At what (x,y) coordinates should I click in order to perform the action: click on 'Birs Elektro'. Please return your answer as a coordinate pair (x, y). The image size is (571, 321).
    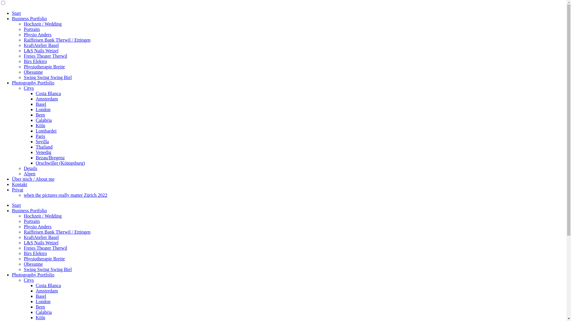
    Looking at the image, I should click on (35, 61).